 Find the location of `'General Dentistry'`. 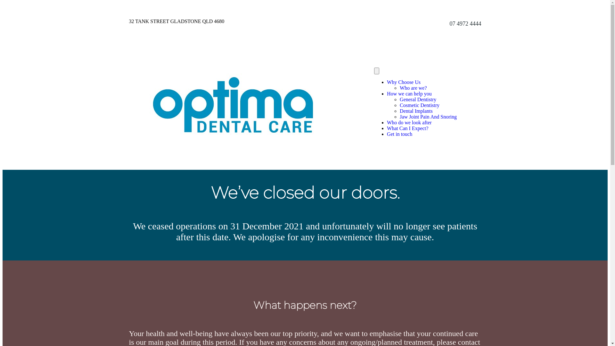

'General Dentistry' is located at coordinates (418, 99).